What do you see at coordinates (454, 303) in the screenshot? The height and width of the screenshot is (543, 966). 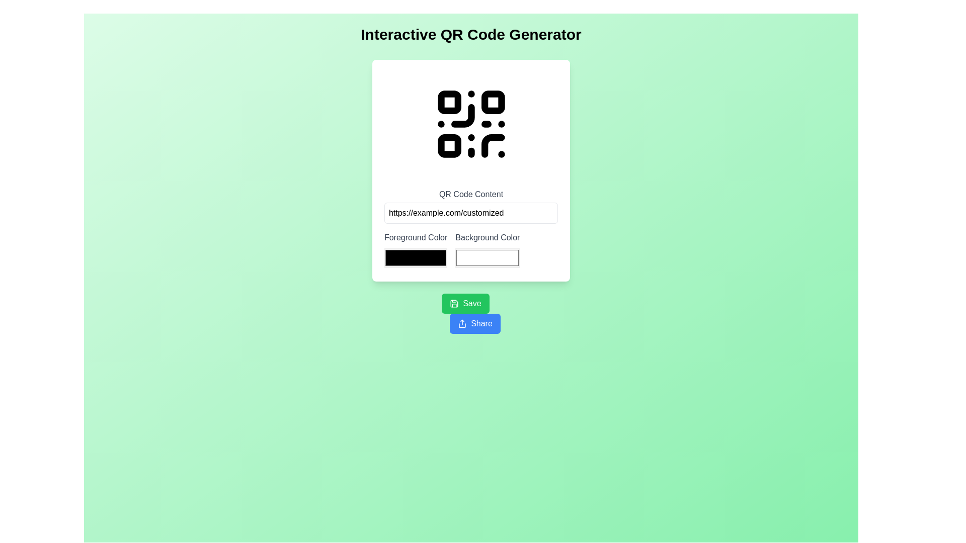 I see `the 'Save' icon button located in the toolbar below the QR code generation area` at bounding box center [454, 303].